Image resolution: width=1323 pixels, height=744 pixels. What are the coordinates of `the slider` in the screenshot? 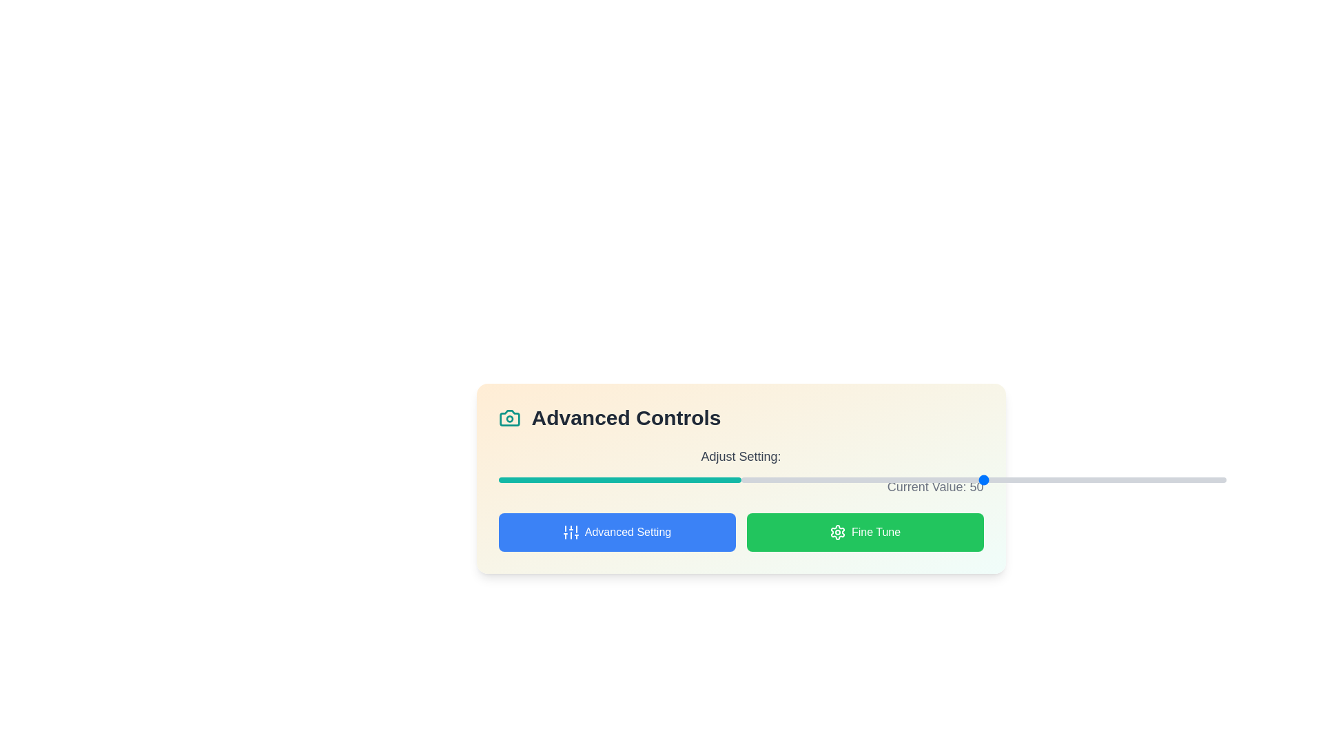 It's located at (595, 477).